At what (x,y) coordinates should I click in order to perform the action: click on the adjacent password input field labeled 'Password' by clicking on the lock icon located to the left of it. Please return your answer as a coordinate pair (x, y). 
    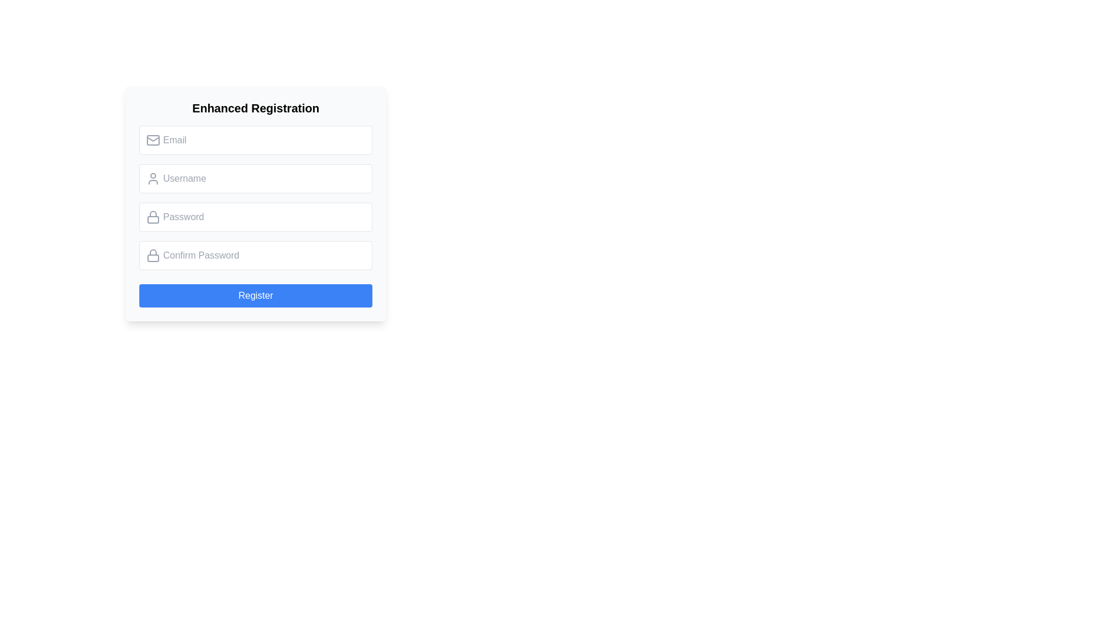
    Looking at the image, I should click on (153, 217).